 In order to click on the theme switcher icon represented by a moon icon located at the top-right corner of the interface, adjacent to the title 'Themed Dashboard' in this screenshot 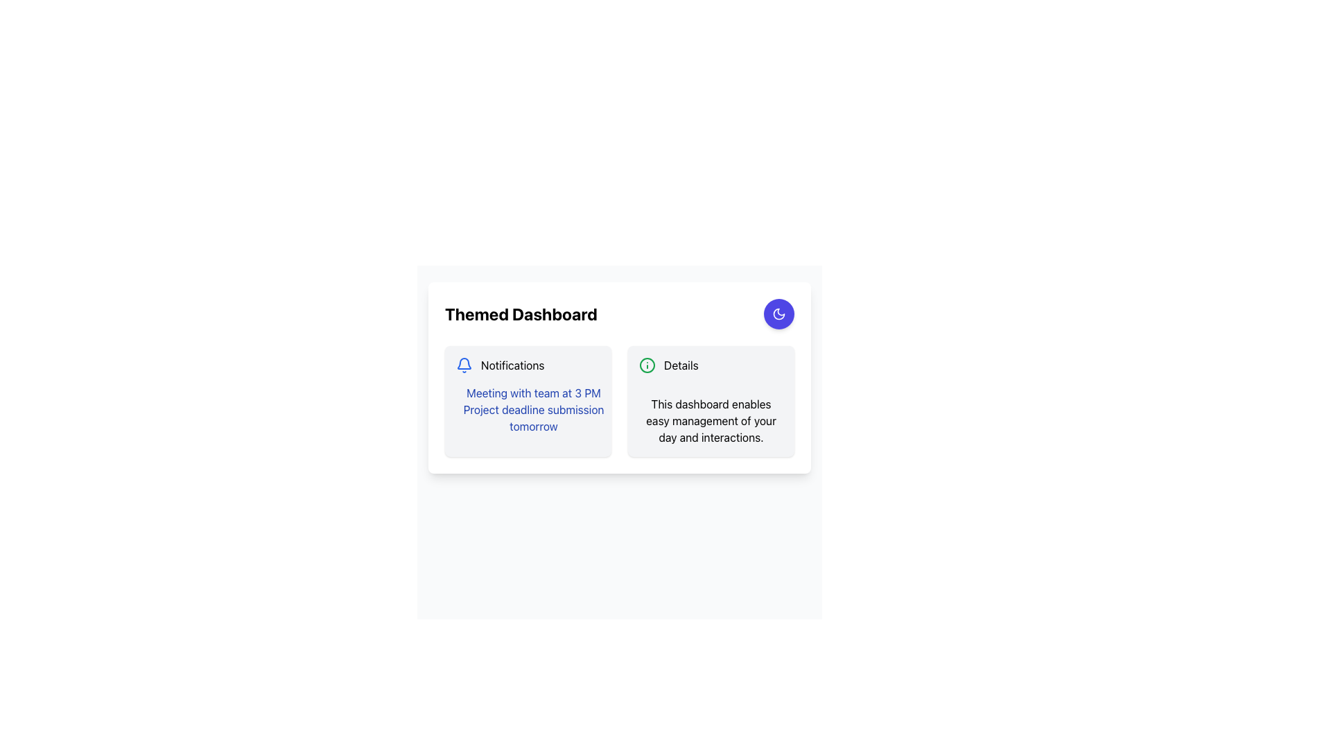, I will do `click(778, 313)`.